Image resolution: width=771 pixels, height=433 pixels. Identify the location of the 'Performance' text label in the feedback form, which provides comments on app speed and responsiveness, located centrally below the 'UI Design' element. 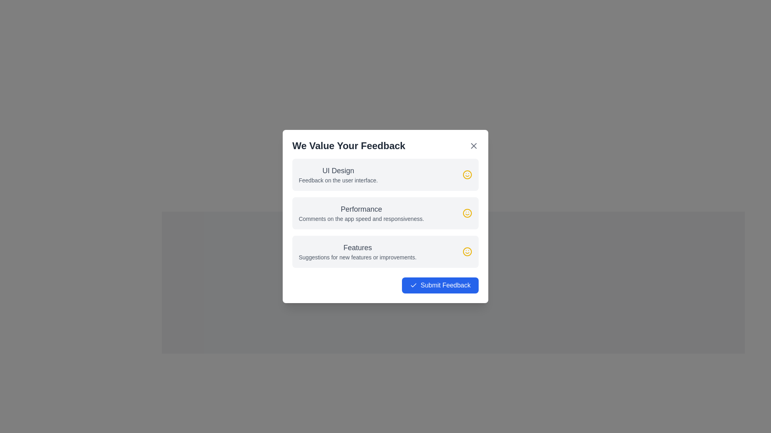
(361, 213).